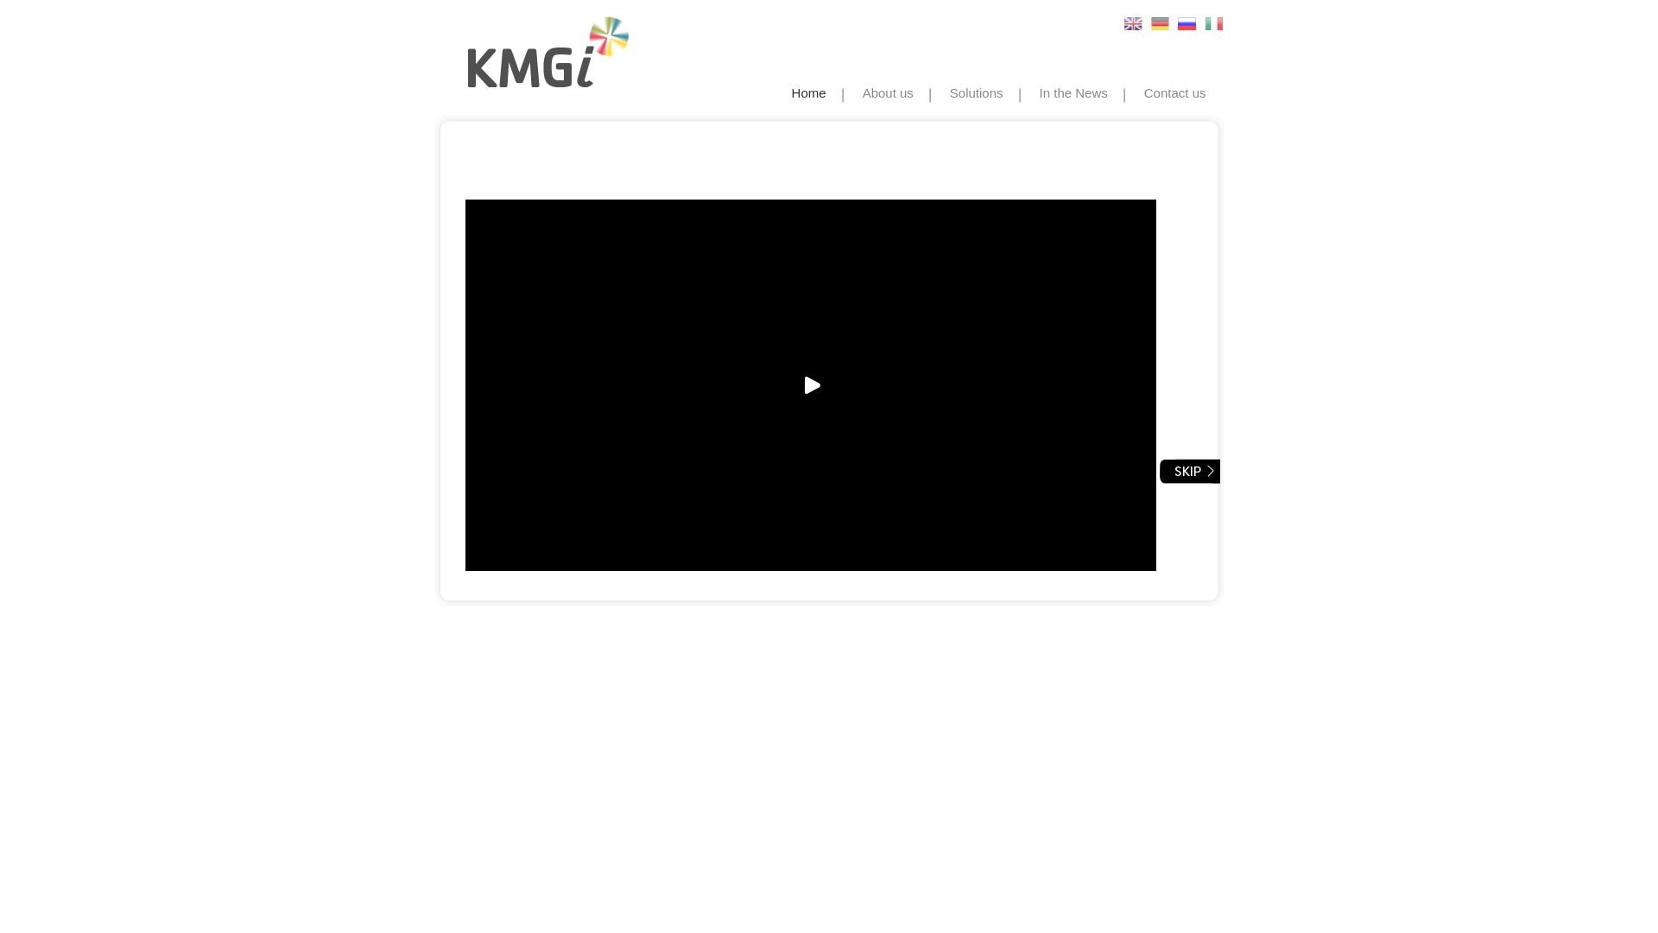 Image resolution: width=1658 pixels, height=933 pixels. I want to click on 'Solutions', so click(977, 92).